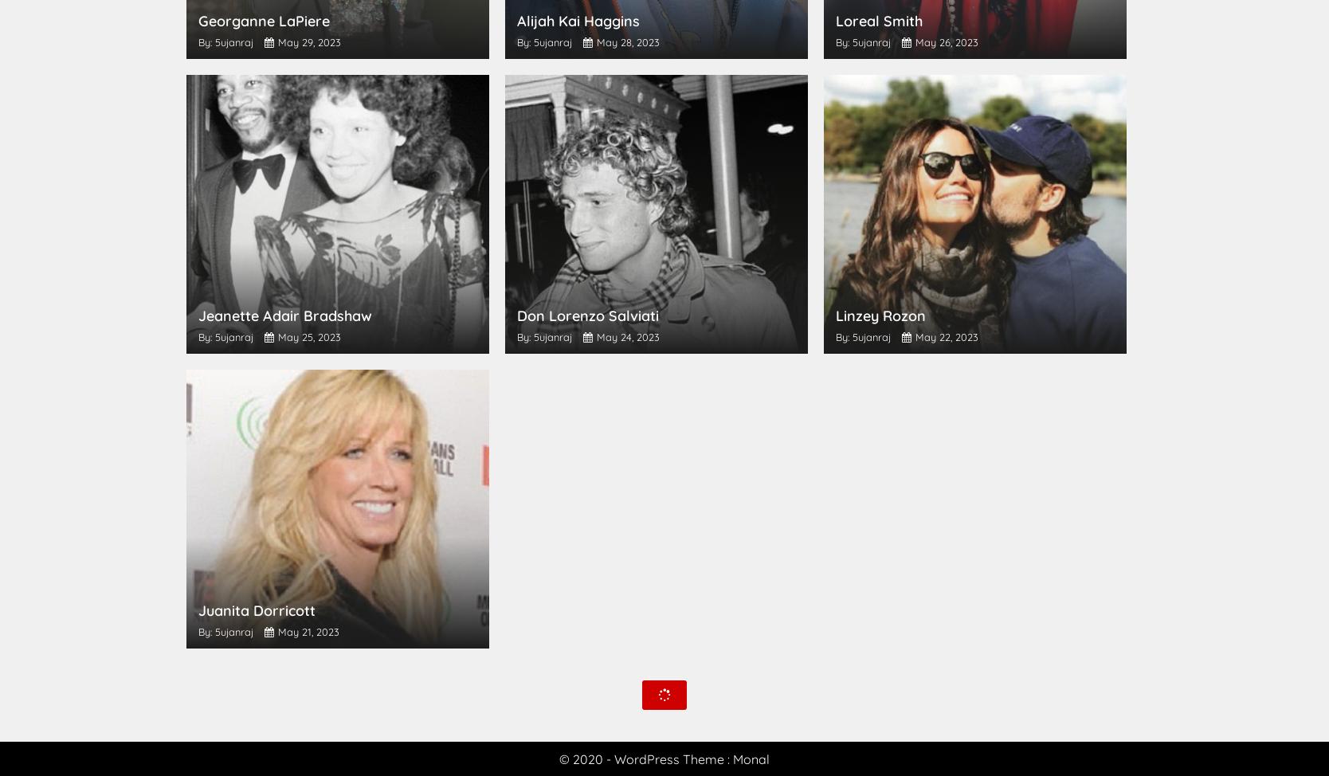  What do you see at coordinates (264, 21) in the screenshot?
I see `'Georganne LaPiere'` at bounding box center [264, 21].